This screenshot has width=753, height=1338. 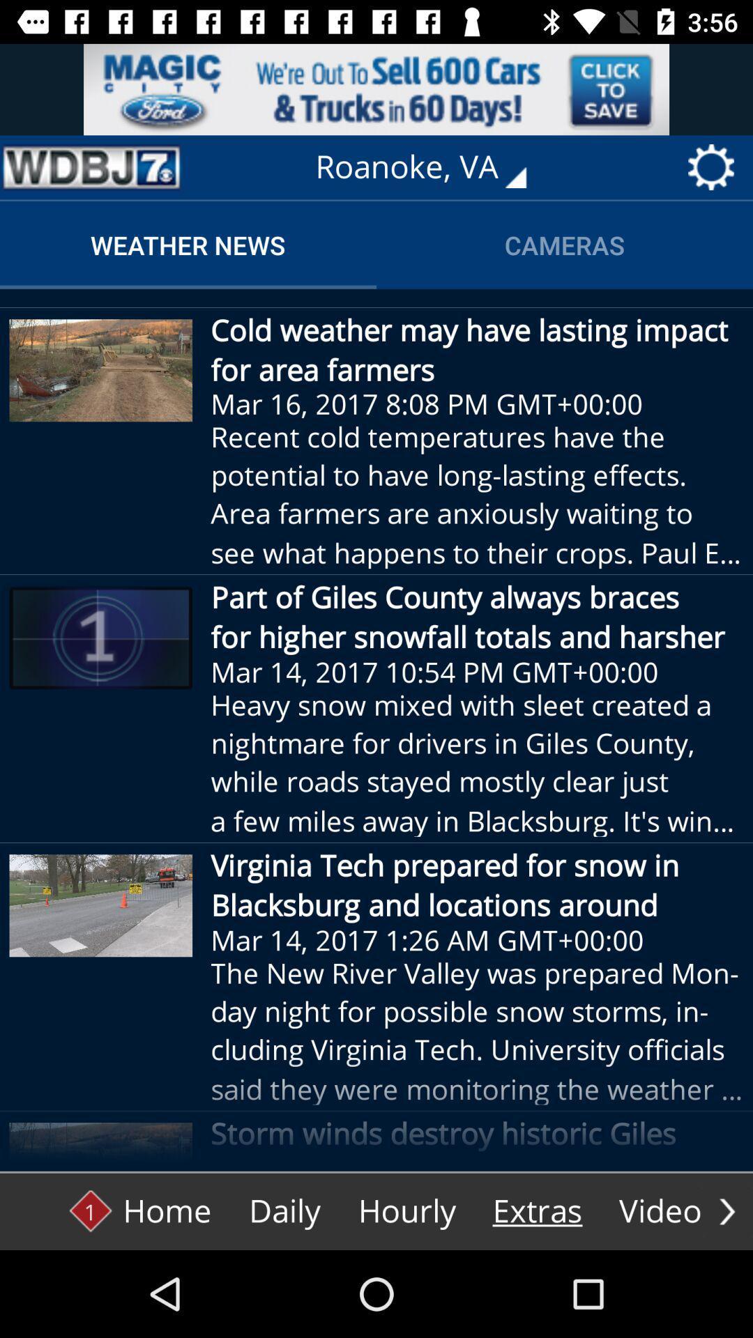 What do you see at coordinates (727, 1210) in the screenshot?
I see `next page` at bounding box center [727, 1210].